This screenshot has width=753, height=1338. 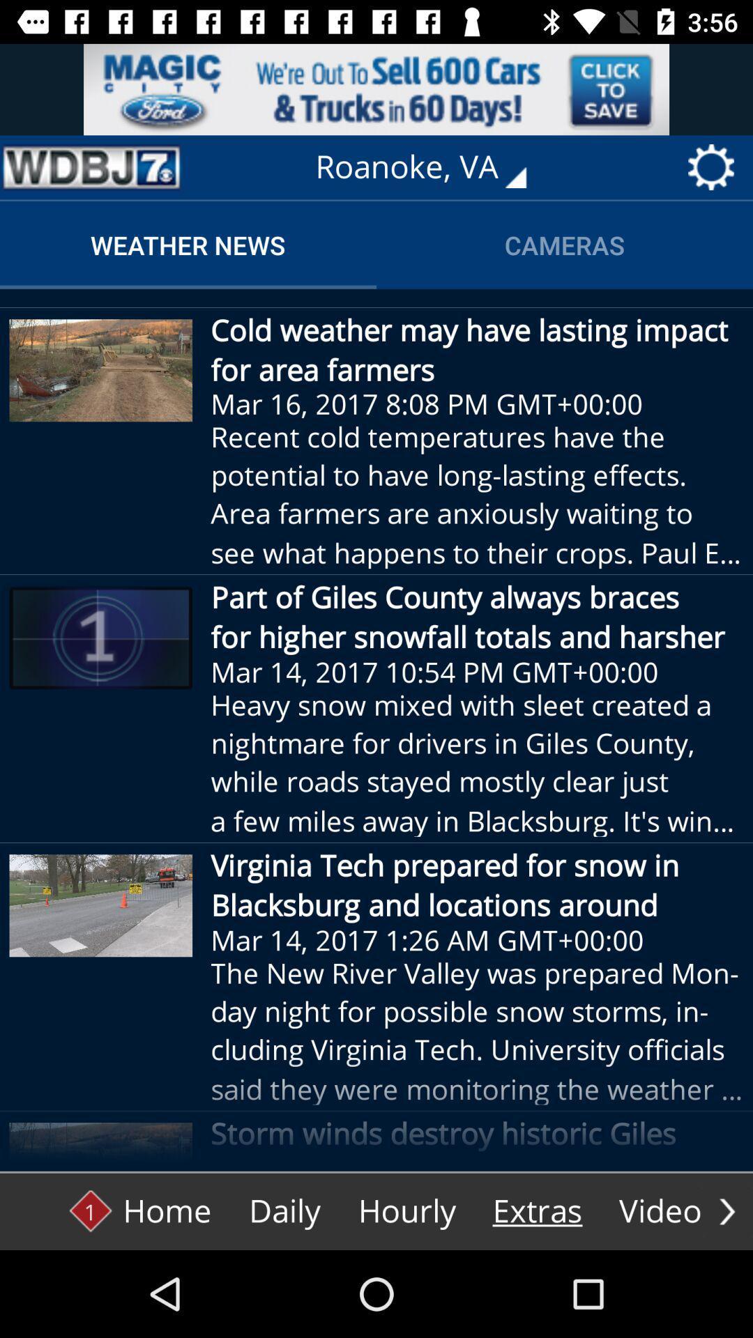 What do you see at coordinates (727, 1210) in the screenshot?
I see `next page` at bounding box center [727, 1210].